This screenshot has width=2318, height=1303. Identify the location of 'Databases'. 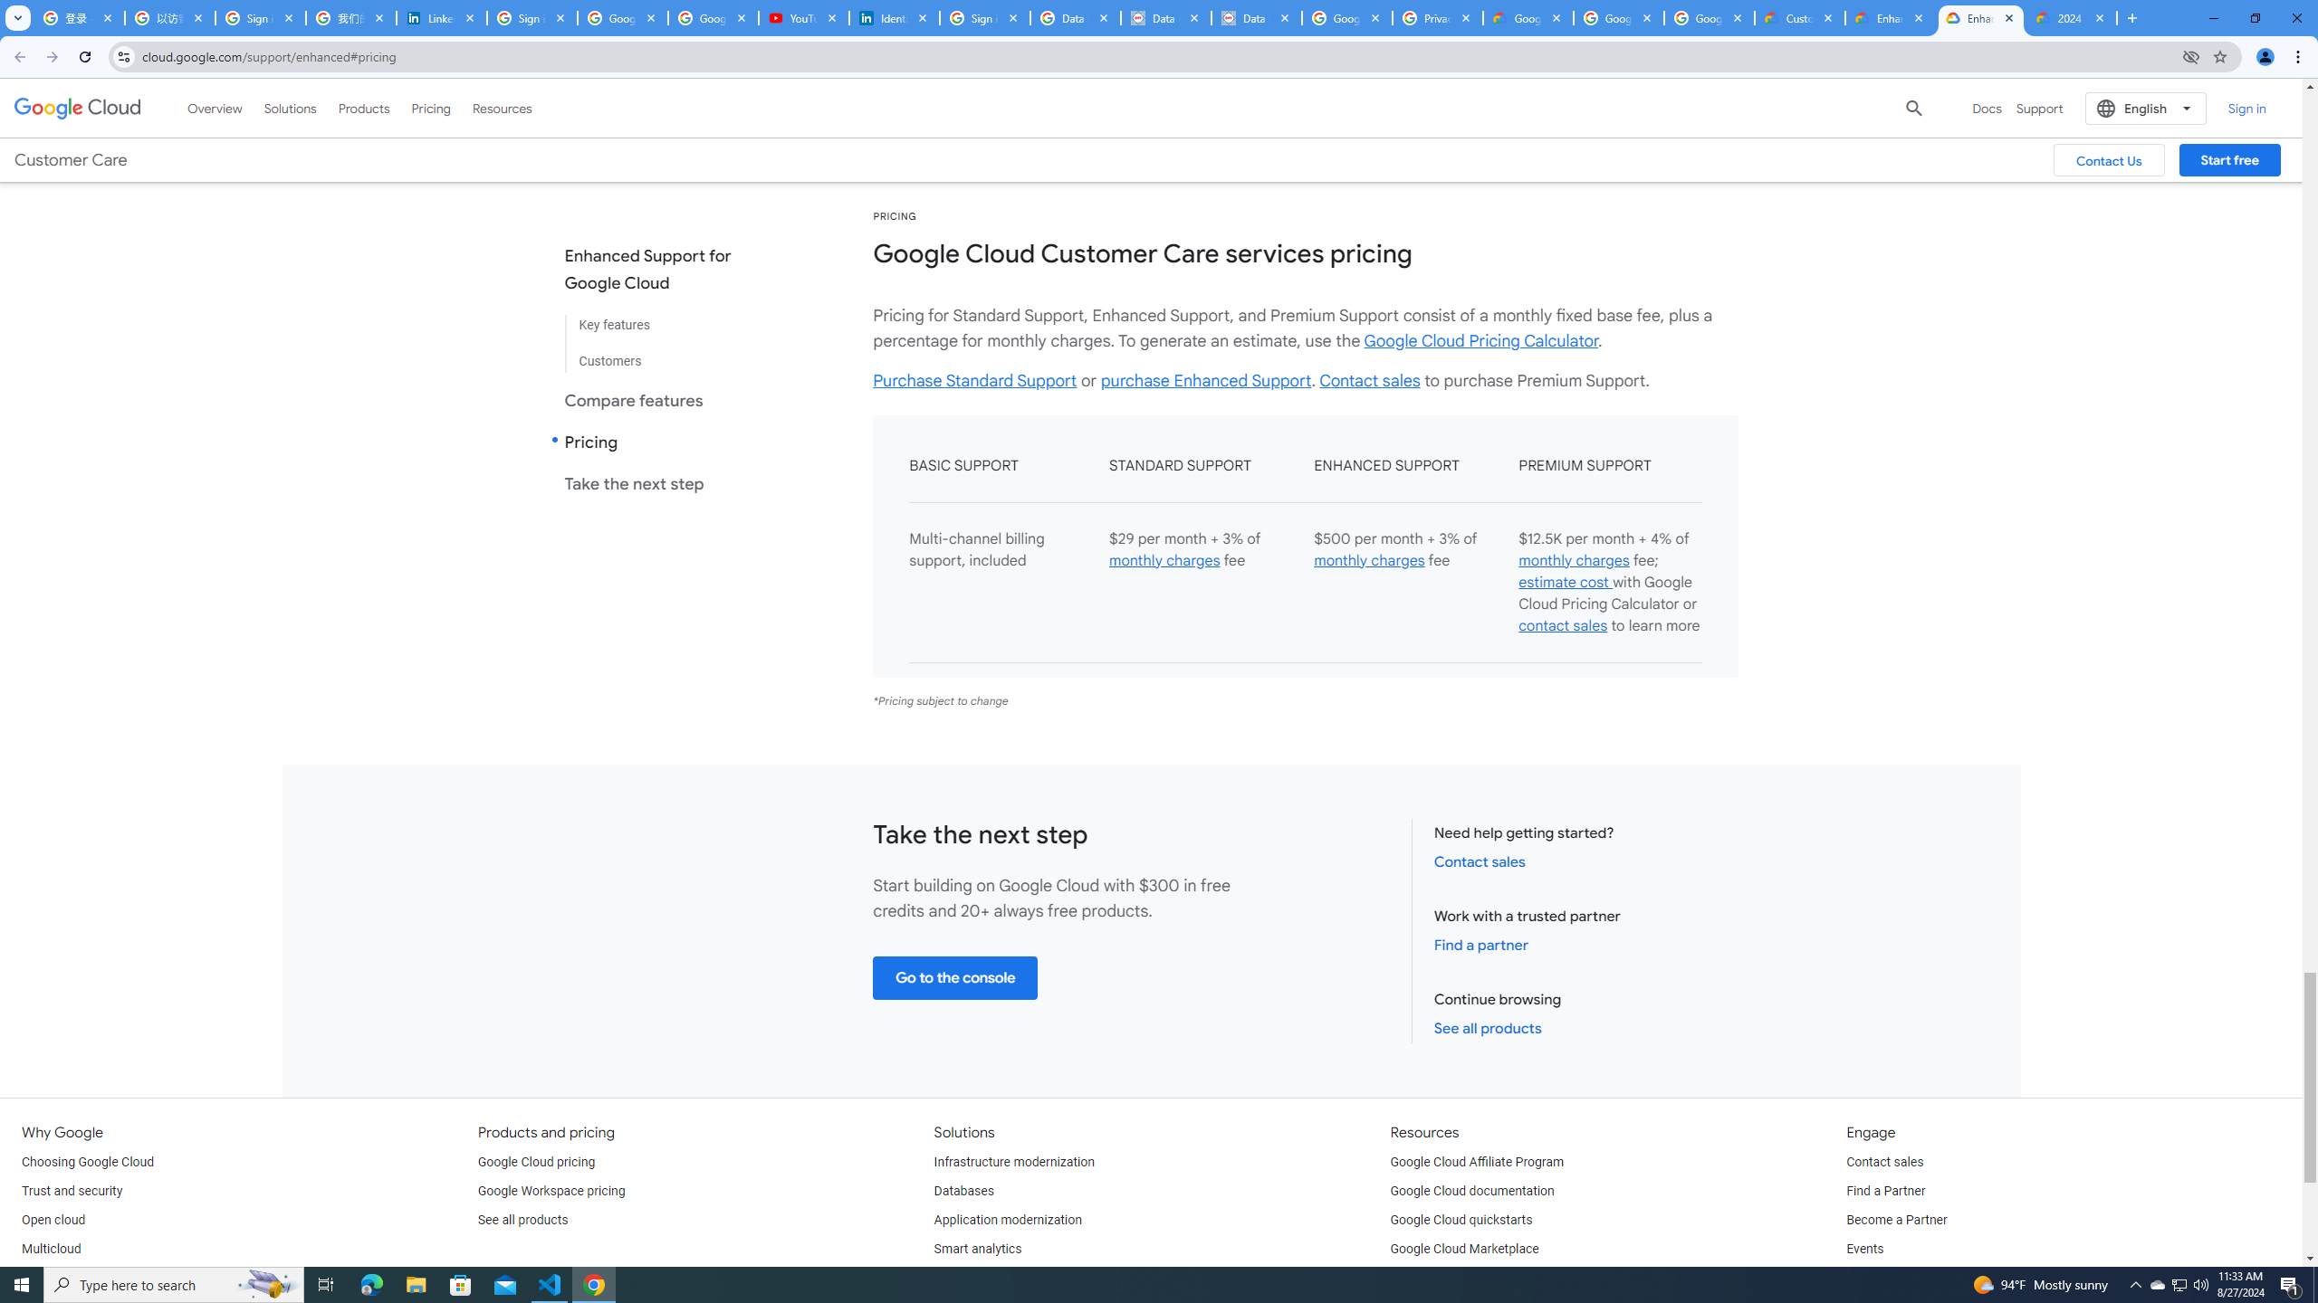
(963, 1190).